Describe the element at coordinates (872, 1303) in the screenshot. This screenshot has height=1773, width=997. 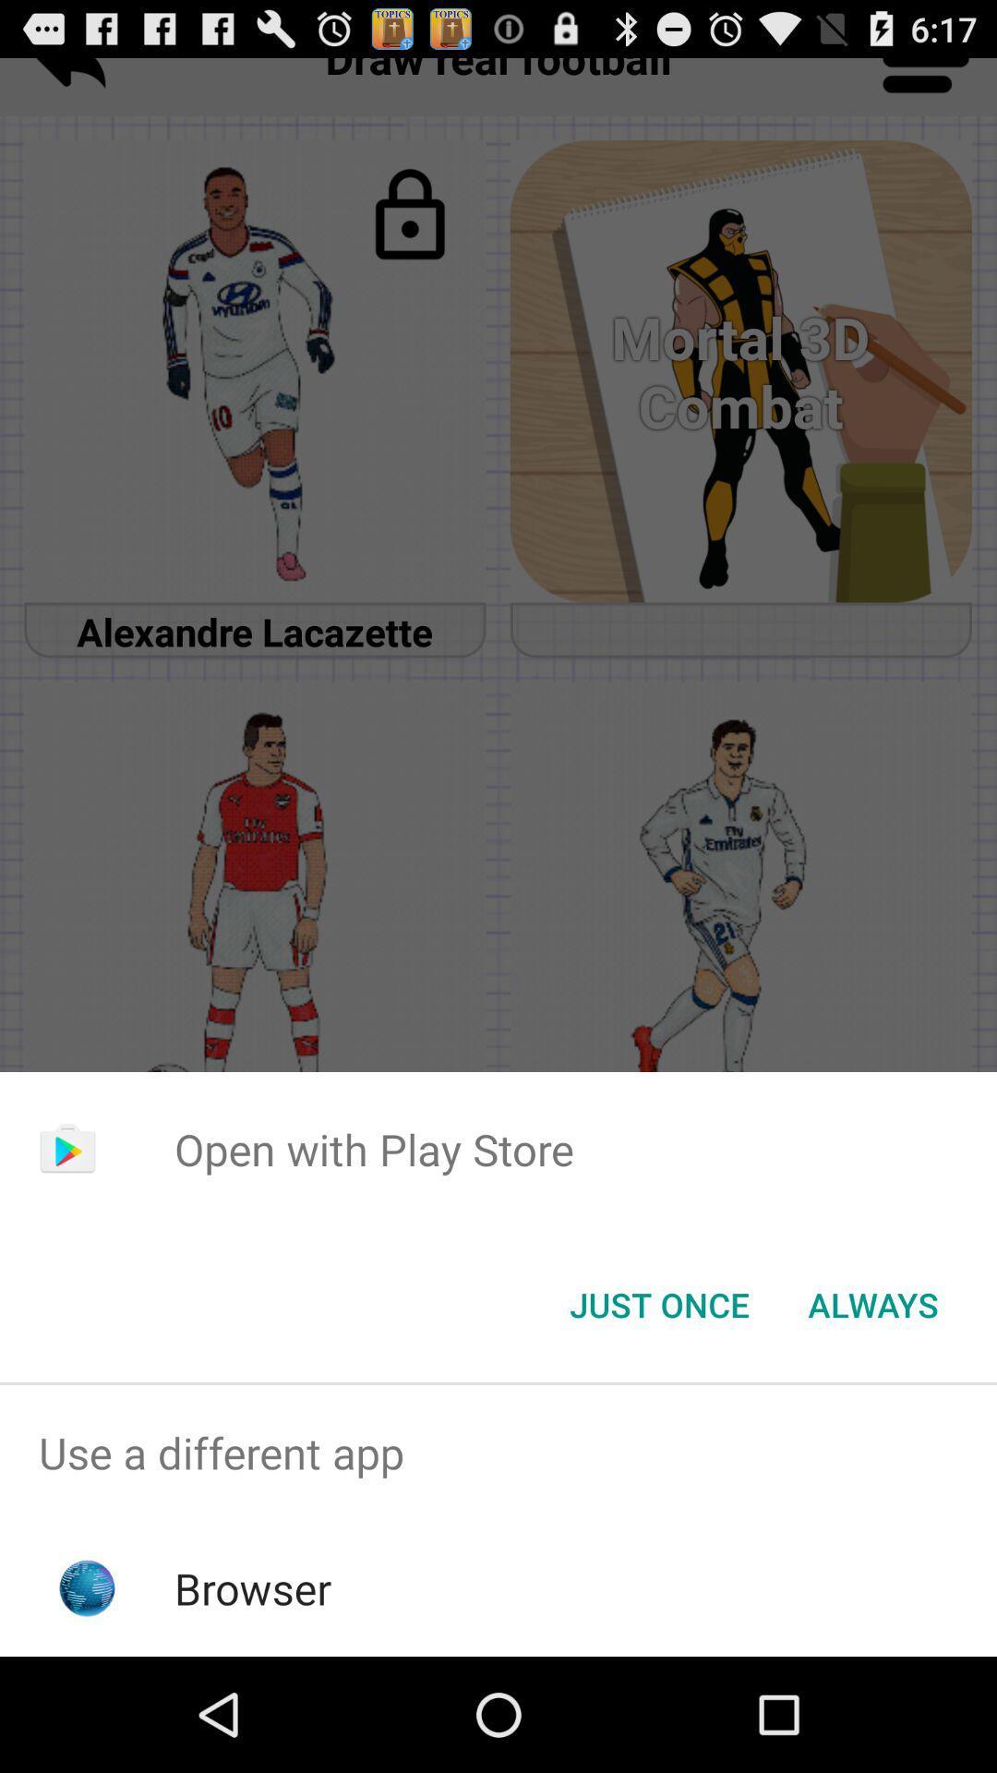
I see `the item below the open with play app` at that location.